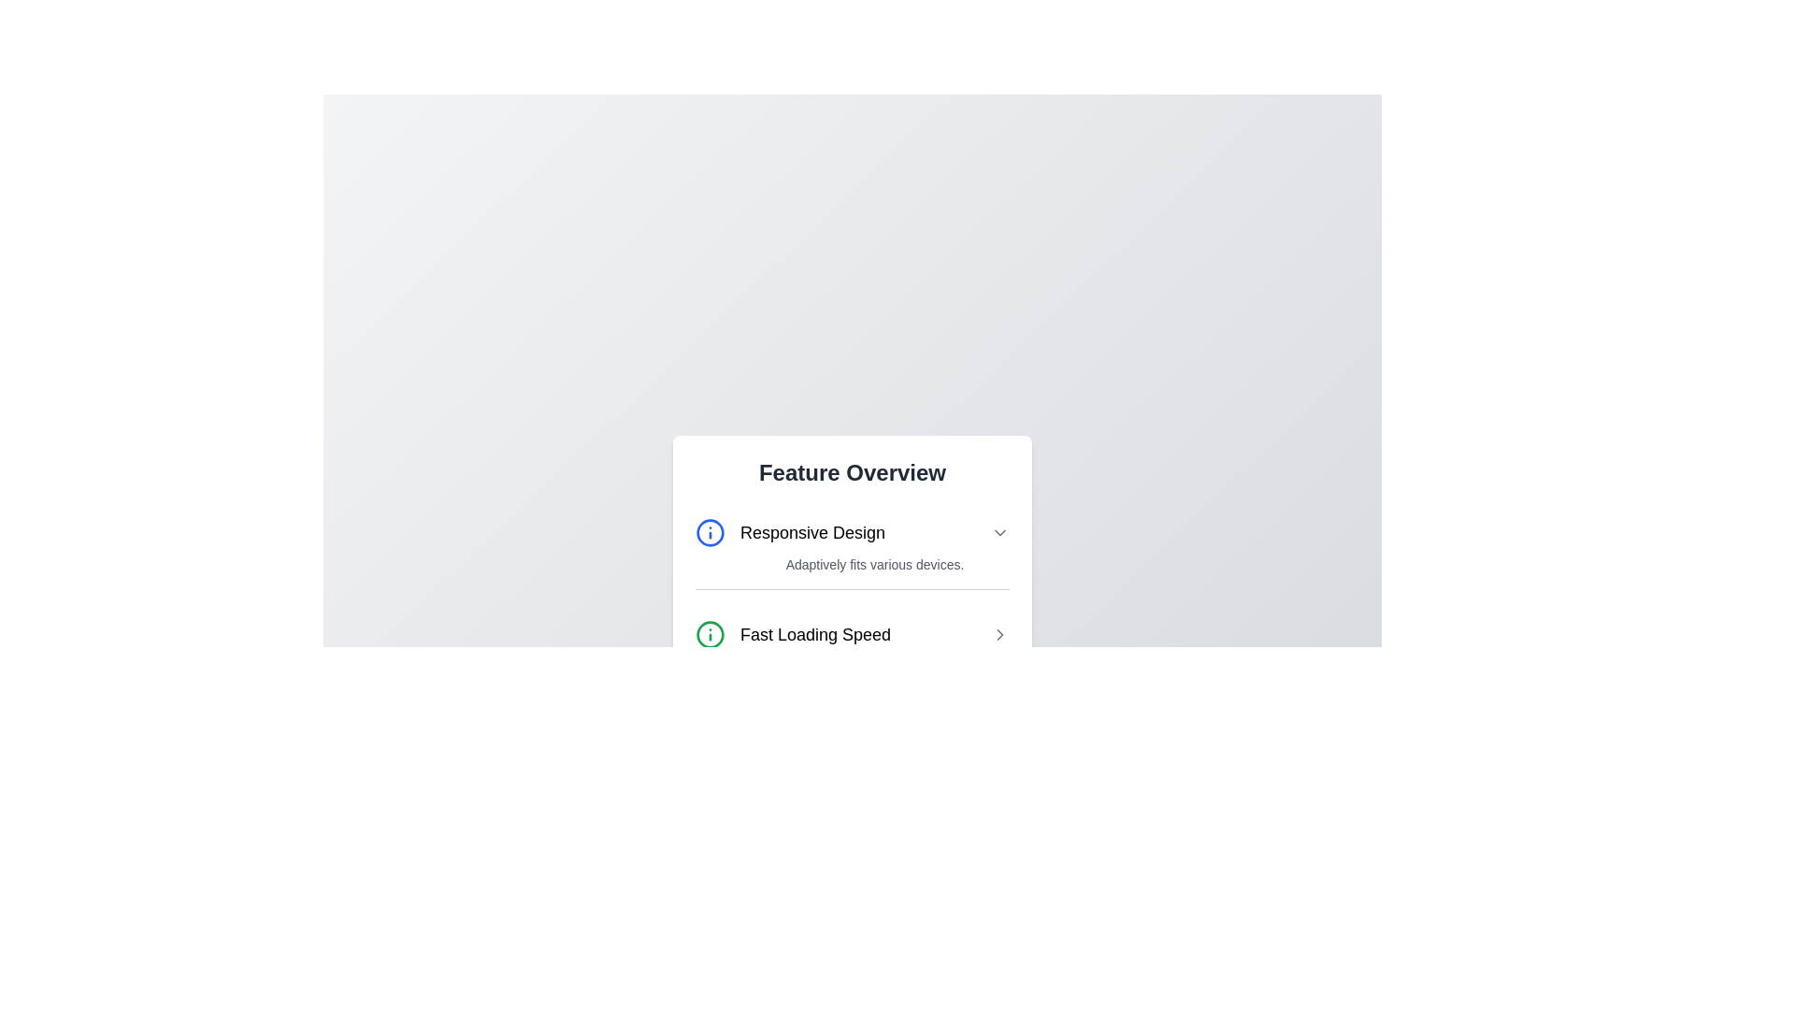 The height and width of the screenshot is (1010, 1795). What do you see at coordinates (999, 633) in the screenshot?
I see `the chevron icon located to the right of the 'Fast Loading Speed' text in the 'Feature Overview' section` at bounding box center [999, 633].